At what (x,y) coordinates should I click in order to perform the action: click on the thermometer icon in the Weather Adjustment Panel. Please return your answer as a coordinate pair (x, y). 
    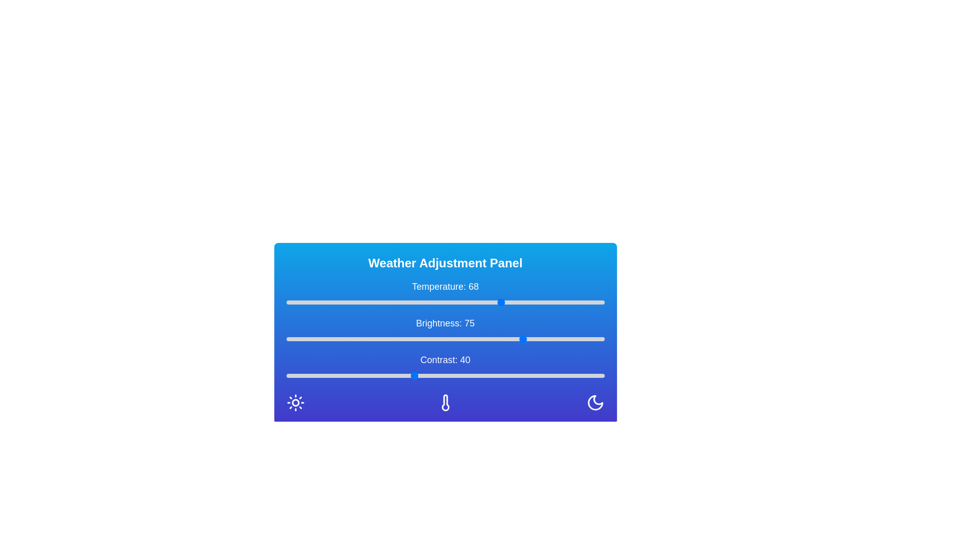
    Looking at the image, I should click on (445, 402).